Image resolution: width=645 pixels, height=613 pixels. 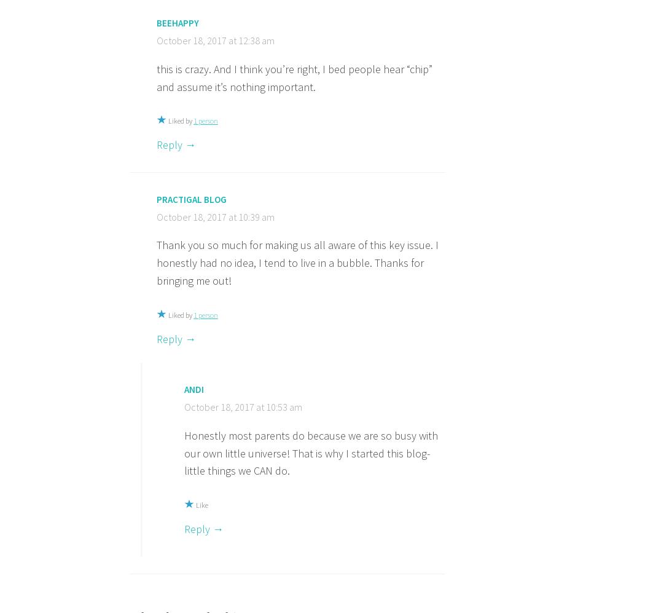 I want to click on 'Like', so click(x=201, y=504).